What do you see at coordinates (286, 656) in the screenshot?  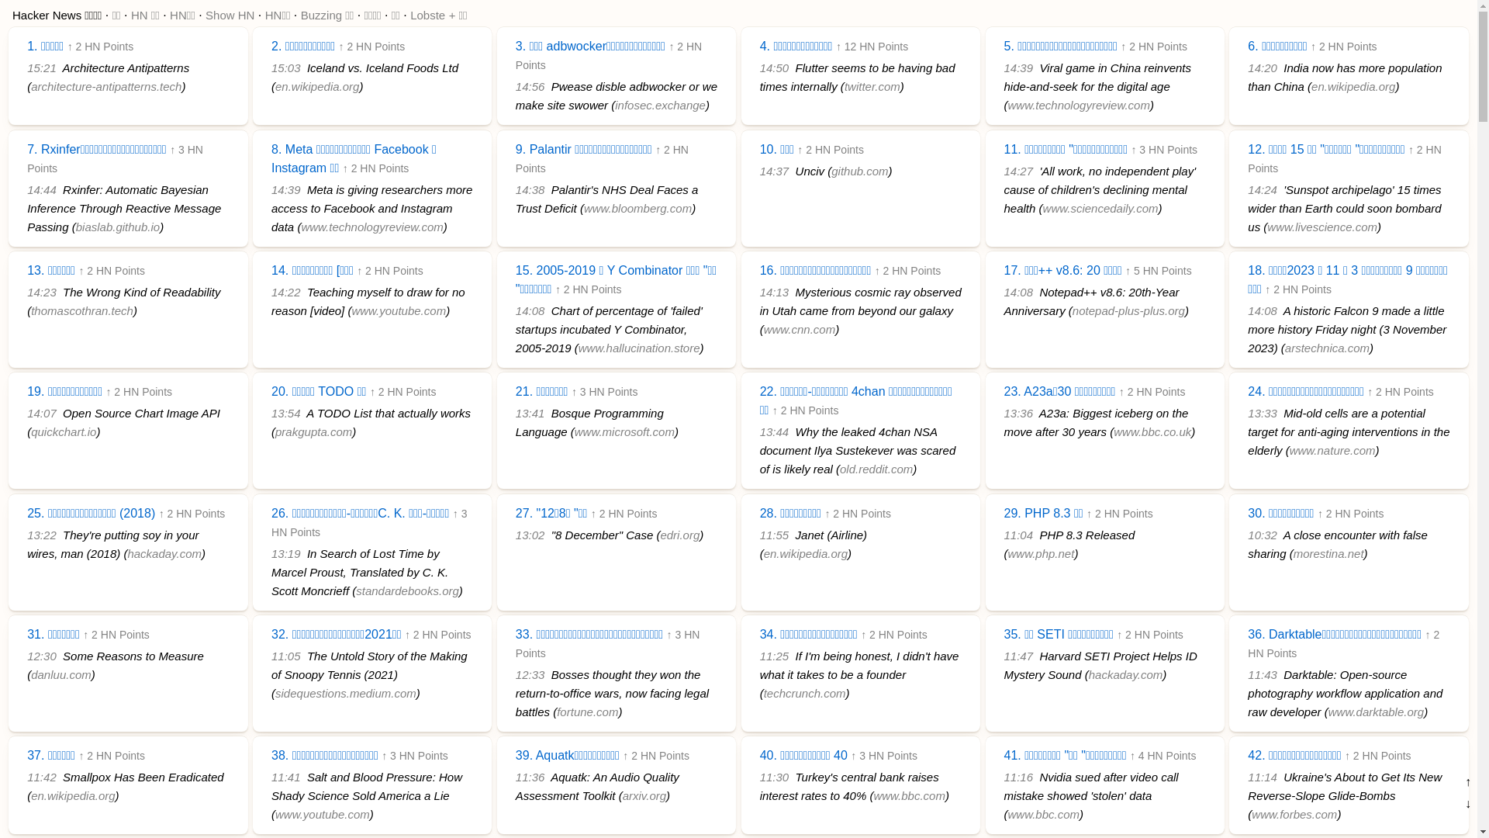 I see `'11:05'` at bounding box center [286, 656].